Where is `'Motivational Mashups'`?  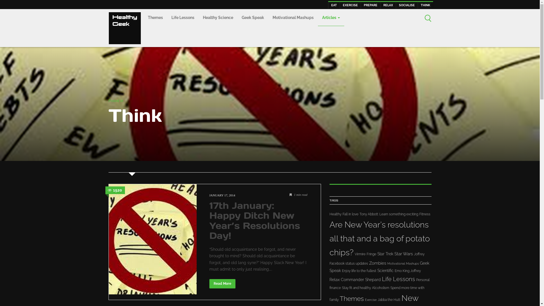
'Motivational Mashups' is located at coordinates (293, 18).